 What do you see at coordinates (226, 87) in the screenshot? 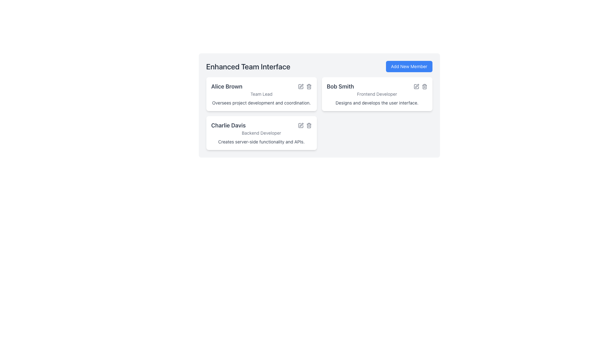
I see `text element displaying 'Alice Brown' in bold, dark gray font, located in the leftmost card under 'Enhanced Team Interface'` at bounding box center [226, 87].